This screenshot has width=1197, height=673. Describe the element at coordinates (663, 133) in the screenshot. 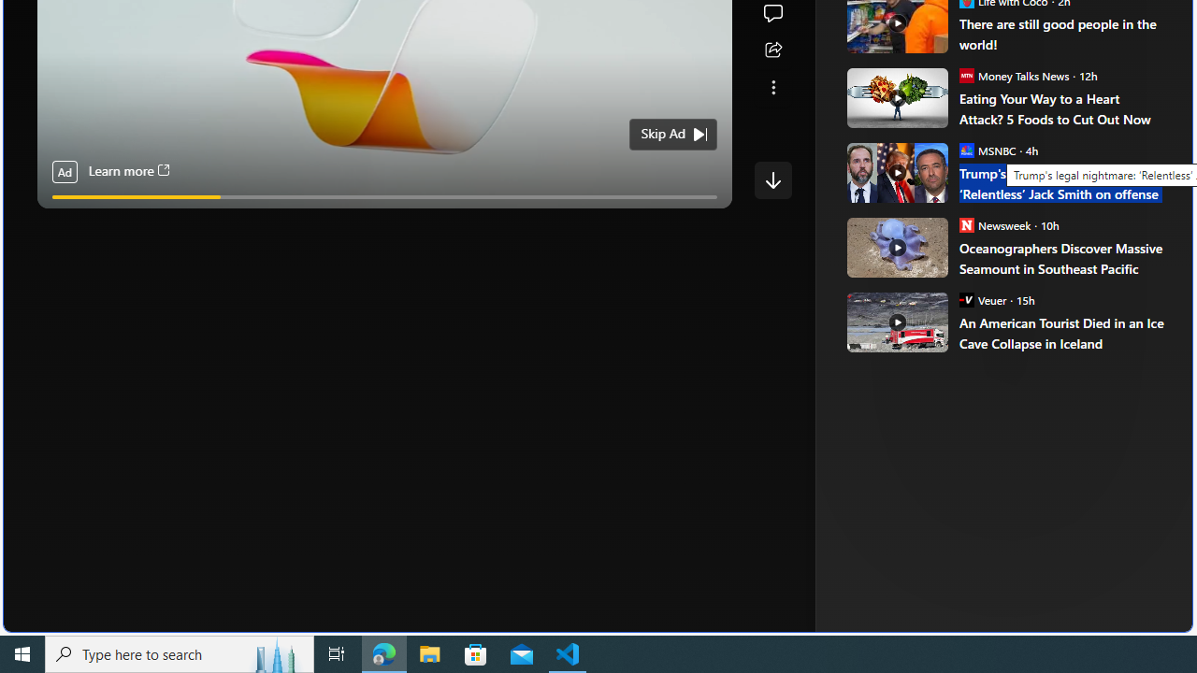

I see `'Skip Ad'` at that location.